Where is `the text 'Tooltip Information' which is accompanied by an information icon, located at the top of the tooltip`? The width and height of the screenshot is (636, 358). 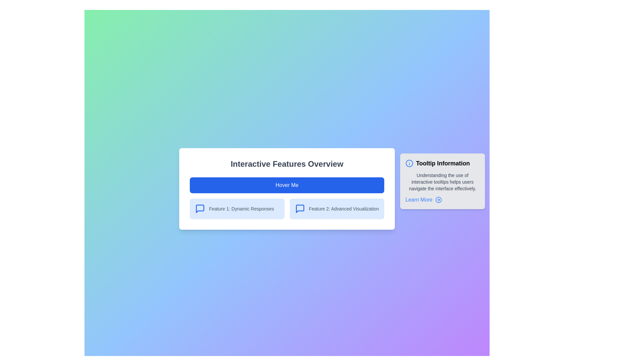
the text 'Tooltip Information' which is accompanied by an information icon, located at the top of the tooltip is located at coordinates (442, 163).